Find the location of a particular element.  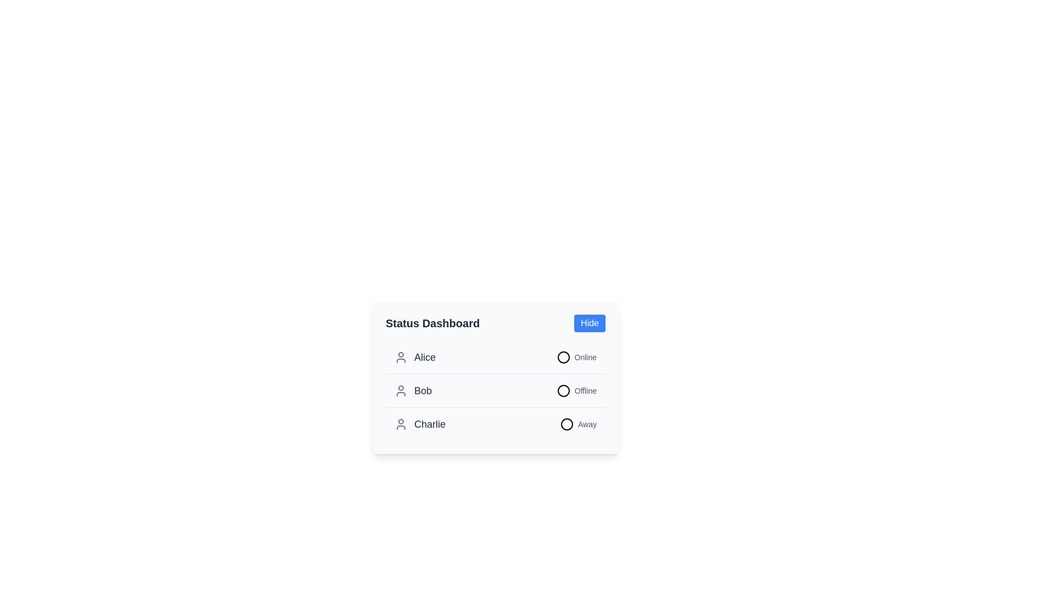

the user avatar icon, which is a gray circular head with shoulders located to the left of the text 'Charlie' in the third row of the 'Status Dashboard' card is located at coordinates (400, 423).